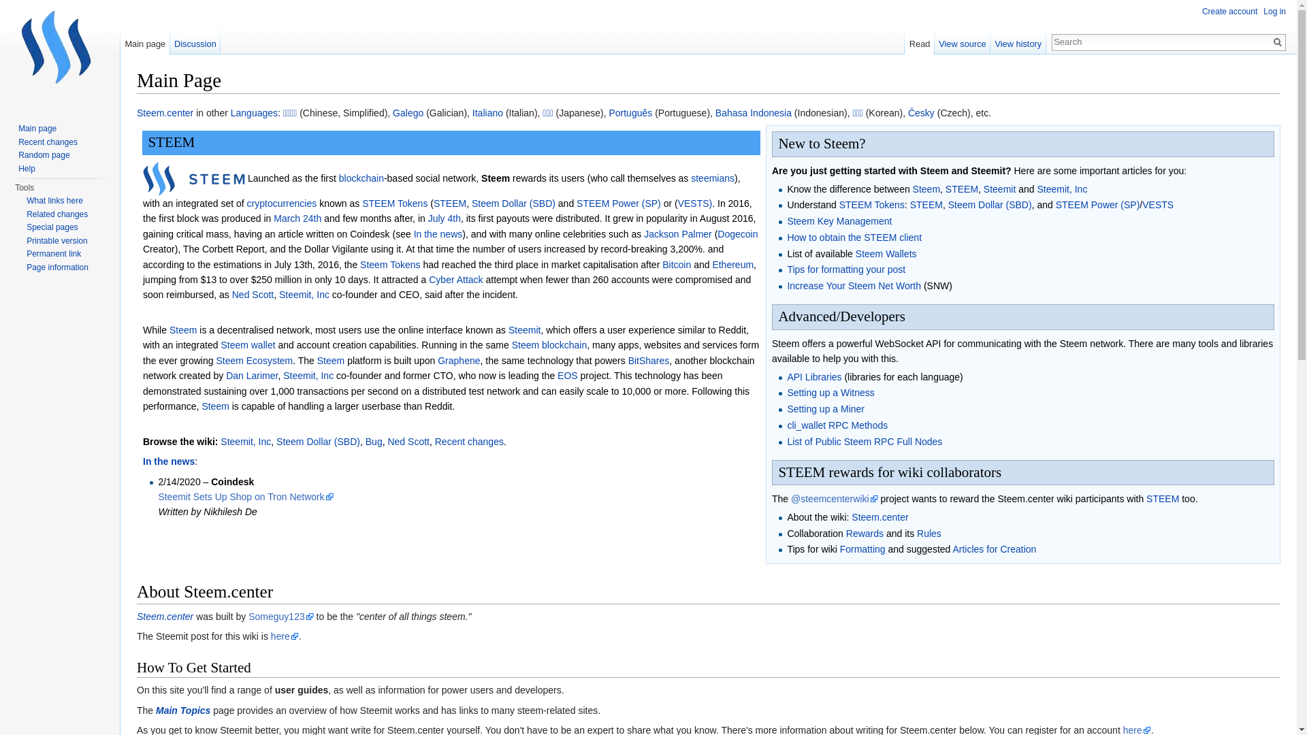 This screenshot has height=735, width=1307. Describe the element at coordinates (1276, 41) in the screenshot. I see `'Go to a page with this exact name if it exists'` at that location.